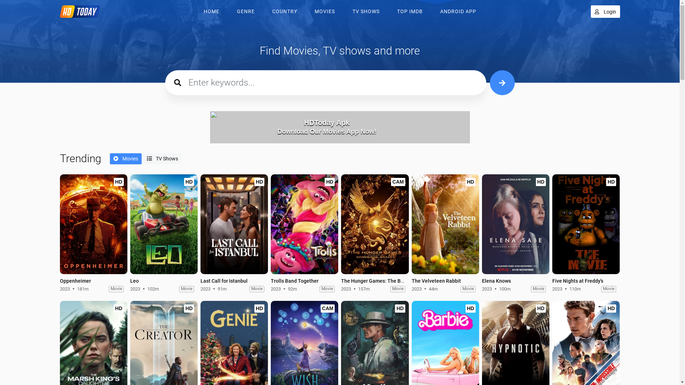 The width and height of the screenshot is (685, 385). I want to click on 'TV SHOWS', so click(366, 11).